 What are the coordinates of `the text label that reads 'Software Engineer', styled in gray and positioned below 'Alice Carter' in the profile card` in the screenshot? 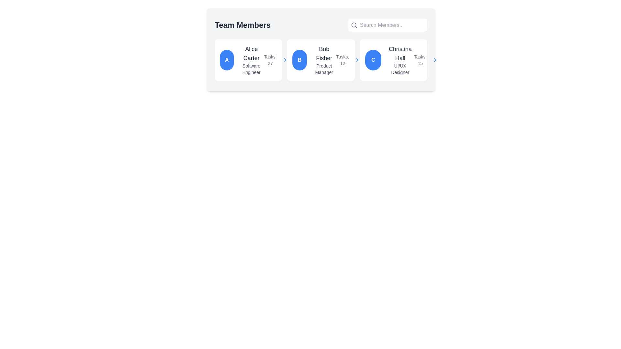 It's located at (251, 69).